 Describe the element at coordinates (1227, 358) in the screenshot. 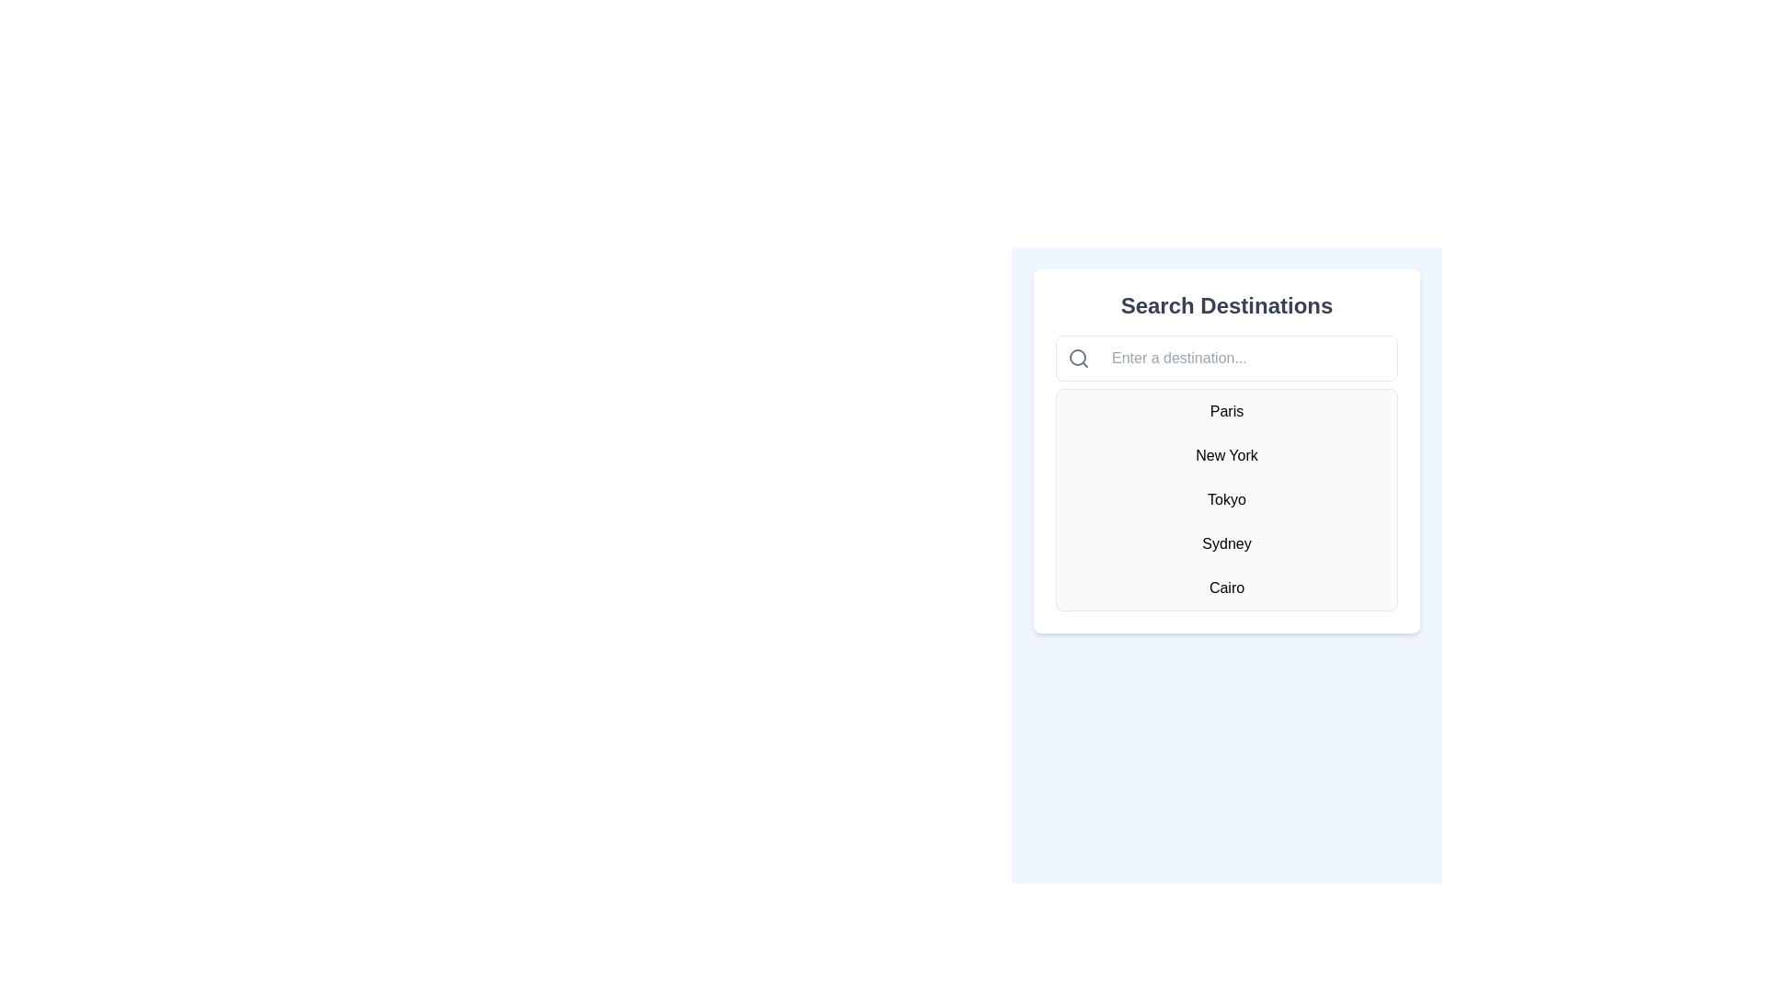

I see `the text input field for searching destinations, which is located below the header 'Search Destinations' and above the list of destination names` at that location.